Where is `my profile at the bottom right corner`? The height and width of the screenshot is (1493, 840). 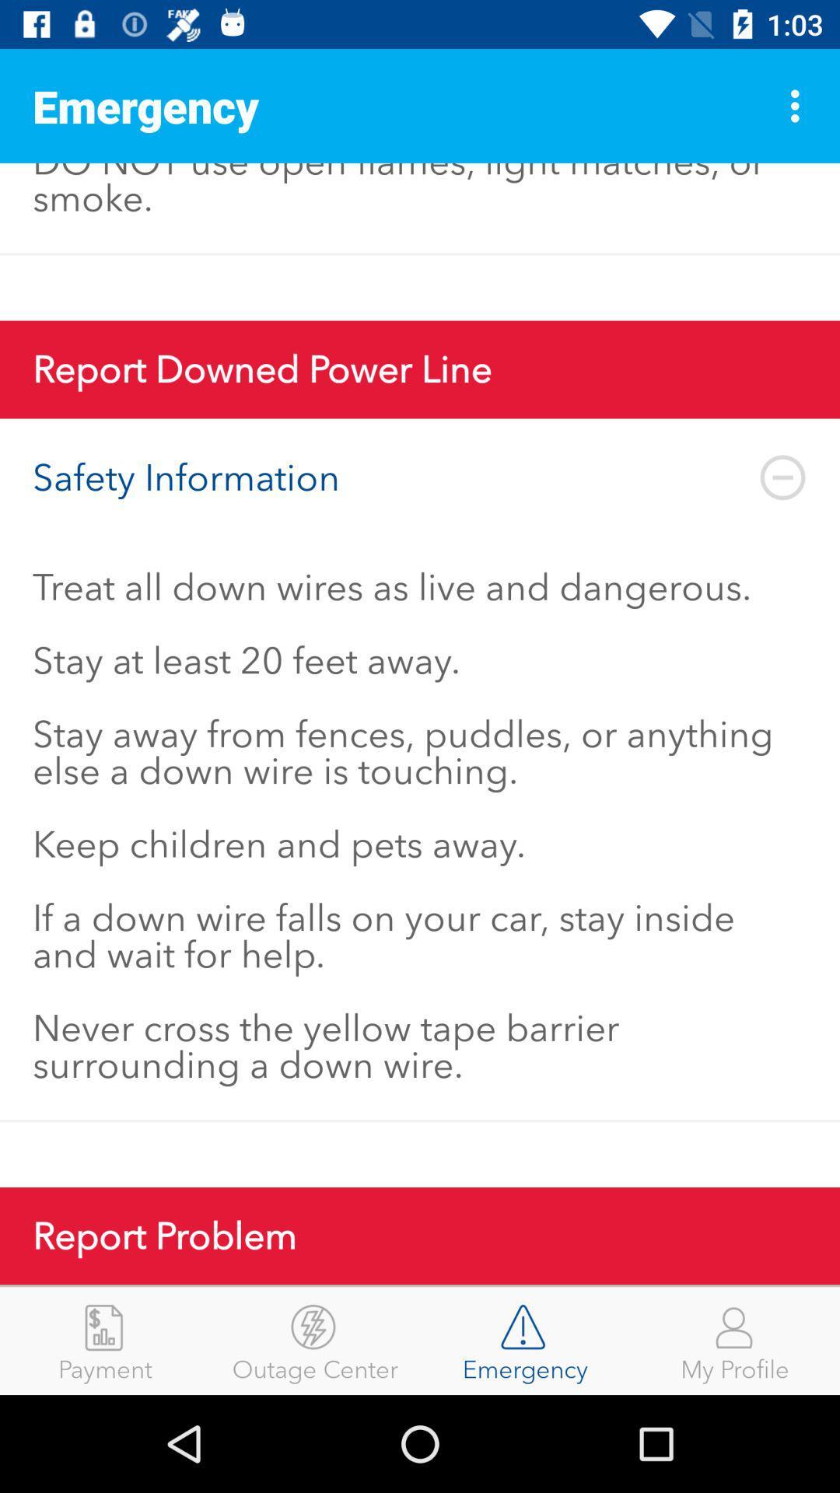 my profile at the bottom right corner is located at coordinates (735, 1340).